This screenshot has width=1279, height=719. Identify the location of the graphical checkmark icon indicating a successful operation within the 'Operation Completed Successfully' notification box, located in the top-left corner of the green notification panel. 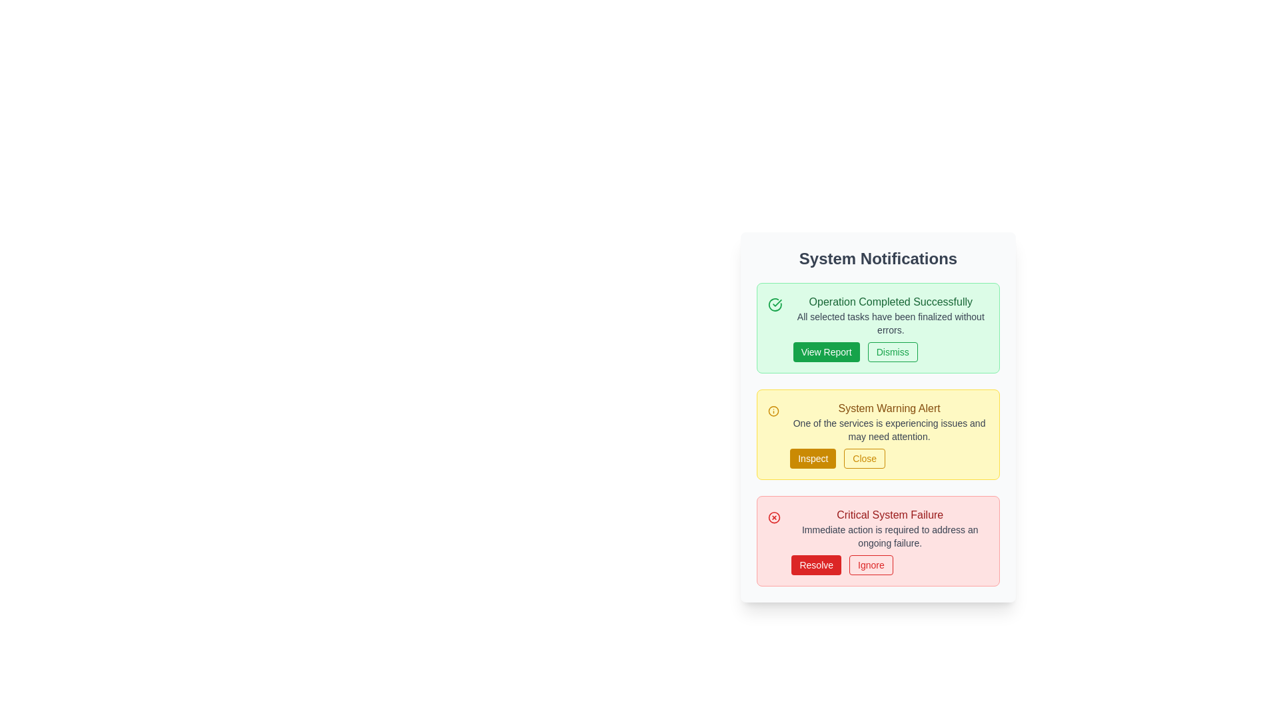
(777, 303).